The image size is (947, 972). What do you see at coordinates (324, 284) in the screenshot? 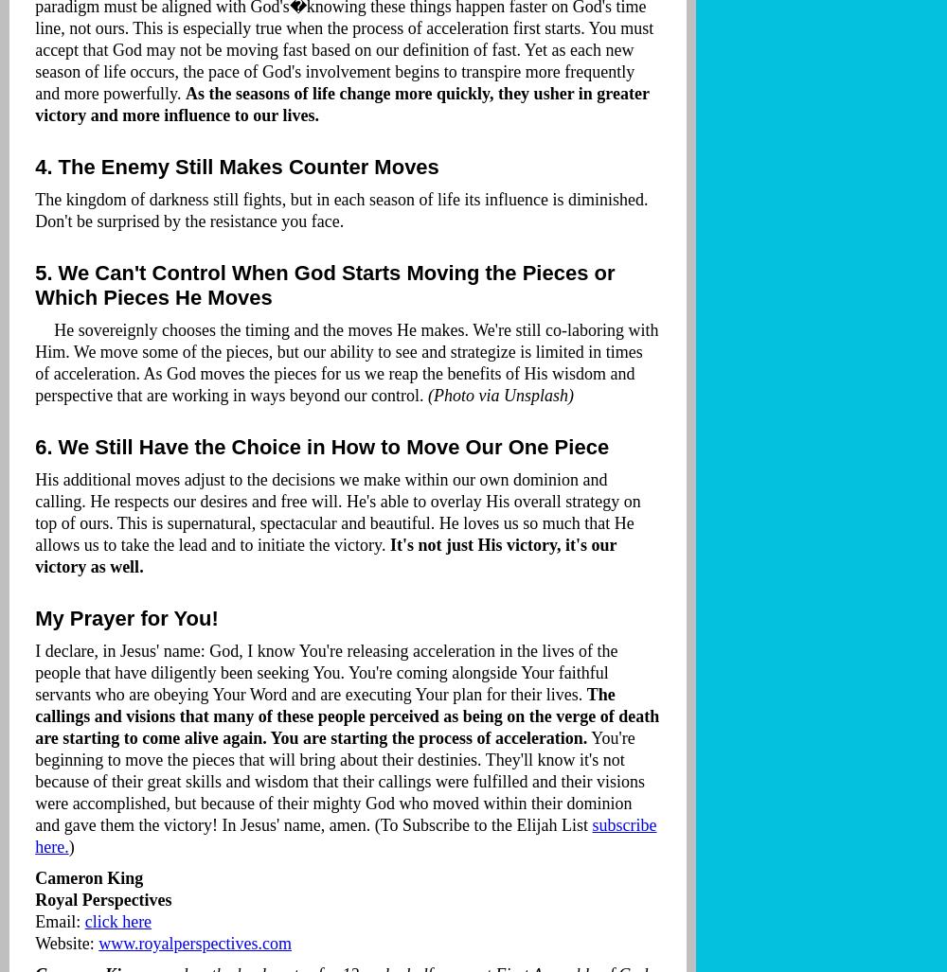
I see `'5. We Can't Control When God Starts Moving the Pieces or Which Pieces He Moves'` at bounding box center [324, 284].